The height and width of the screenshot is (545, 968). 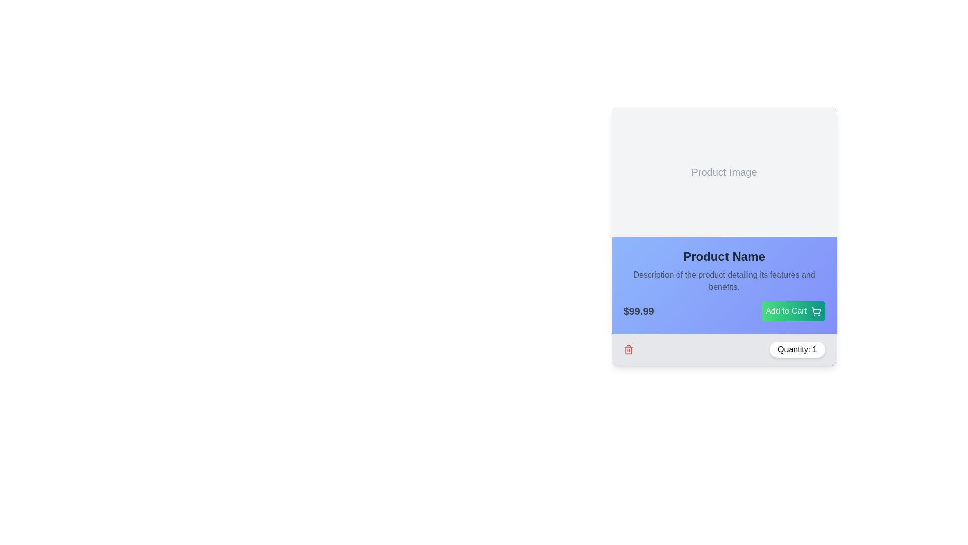 What do you see at coordinates (797, 349) in the screenshot?
I see `quantity displayed on the pill-shaped label with the text 'Quantity: 1', located near the bottom right inside a gray section under the main product details` at bounding box center [797, 349].